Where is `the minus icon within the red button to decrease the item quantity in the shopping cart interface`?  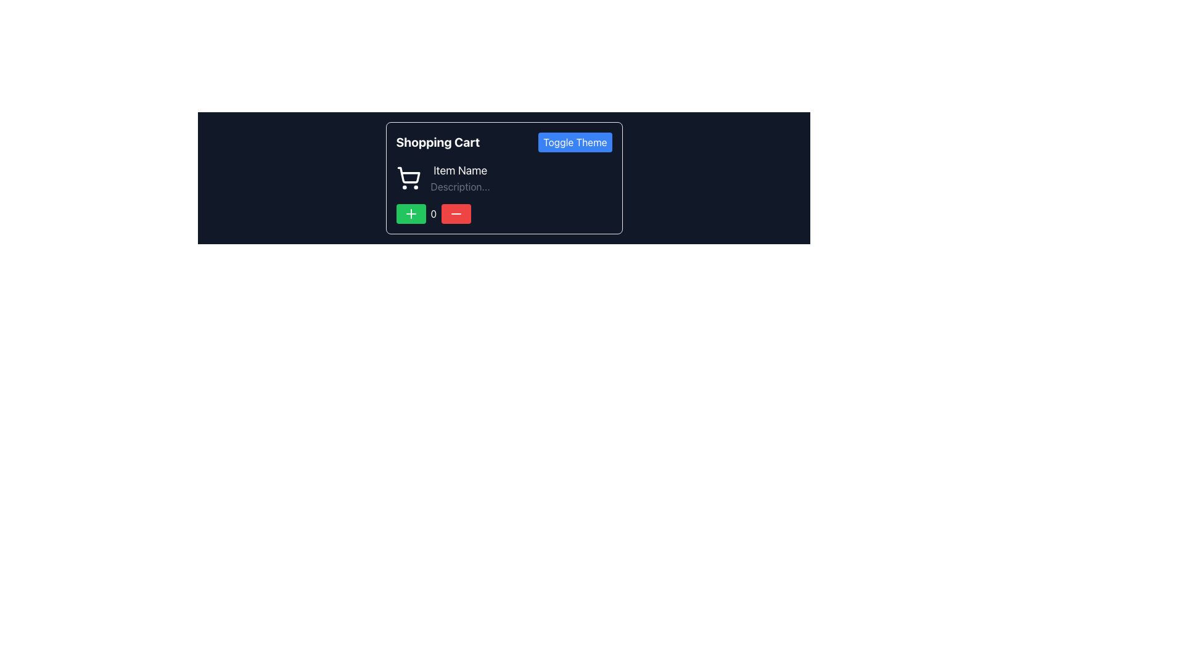
the minus icon within the red button to decrease the item quantity in the shopping cart interface is located at coordinates (456, 213).